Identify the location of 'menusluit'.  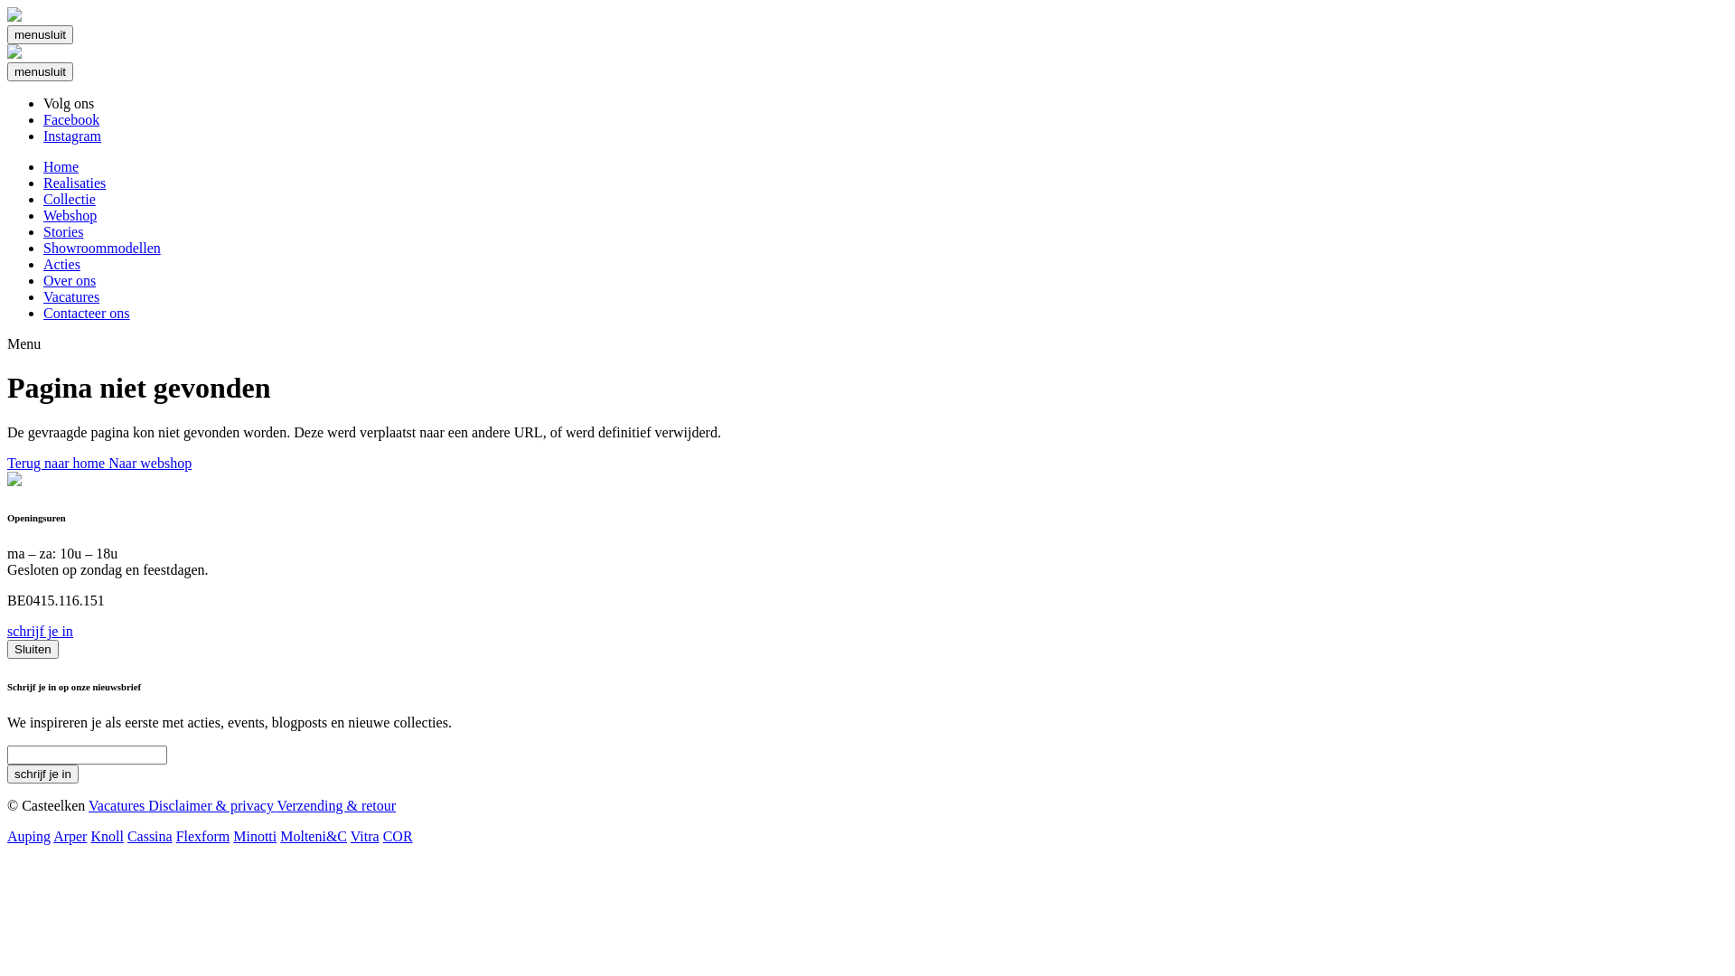
(40, 34).